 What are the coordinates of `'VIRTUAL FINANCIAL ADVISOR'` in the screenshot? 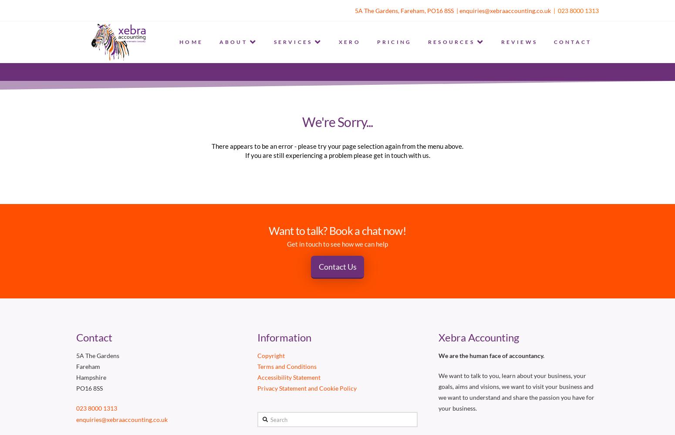 It's located at (299, 194).